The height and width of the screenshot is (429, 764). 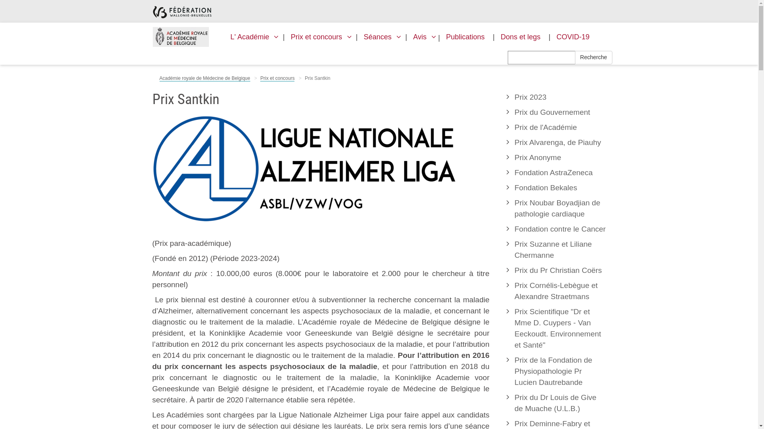 What do you see at coordinates (559, 188) in the screenshot?
I see `'Fondation Bekales'` at bounding box center [559, 188].